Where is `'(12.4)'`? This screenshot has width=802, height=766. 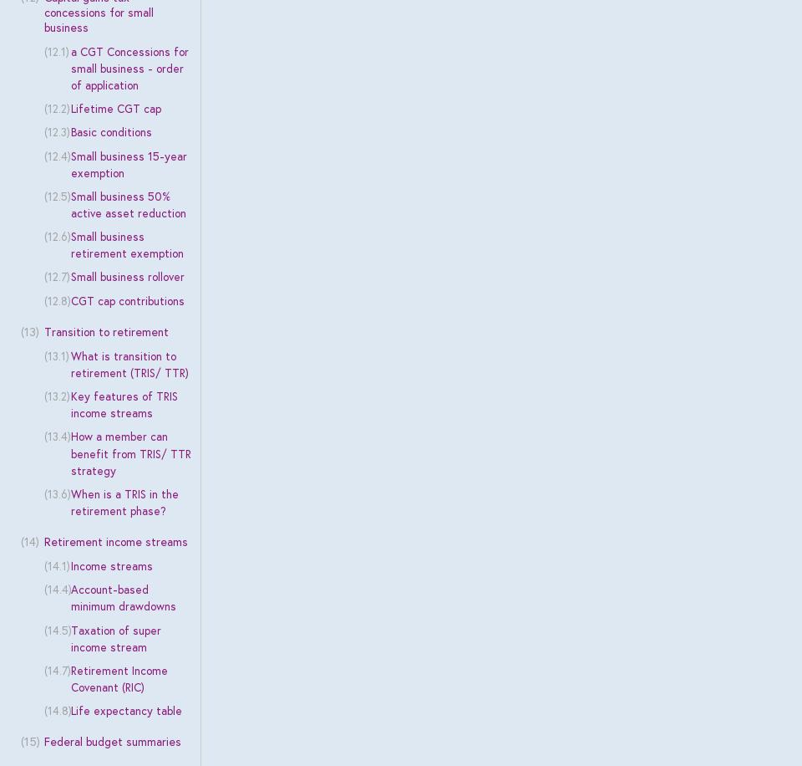
'(12.4)' is located at coordinates (56, 155).